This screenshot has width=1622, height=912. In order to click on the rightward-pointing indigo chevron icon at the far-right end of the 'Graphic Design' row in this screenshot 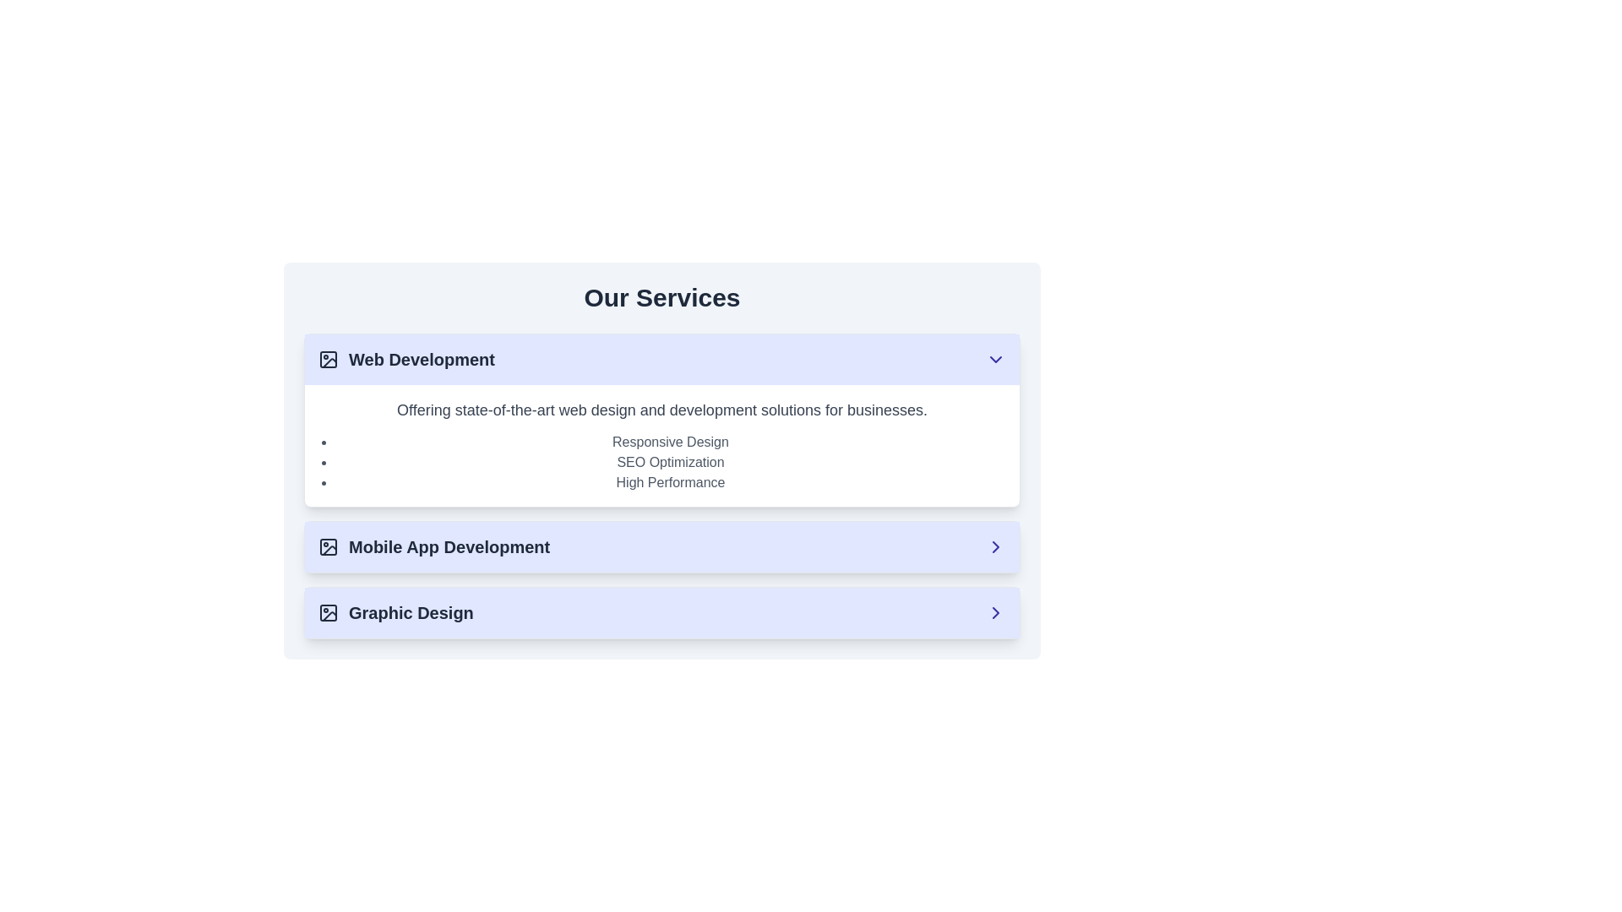, I will do `click(996, 612)`.